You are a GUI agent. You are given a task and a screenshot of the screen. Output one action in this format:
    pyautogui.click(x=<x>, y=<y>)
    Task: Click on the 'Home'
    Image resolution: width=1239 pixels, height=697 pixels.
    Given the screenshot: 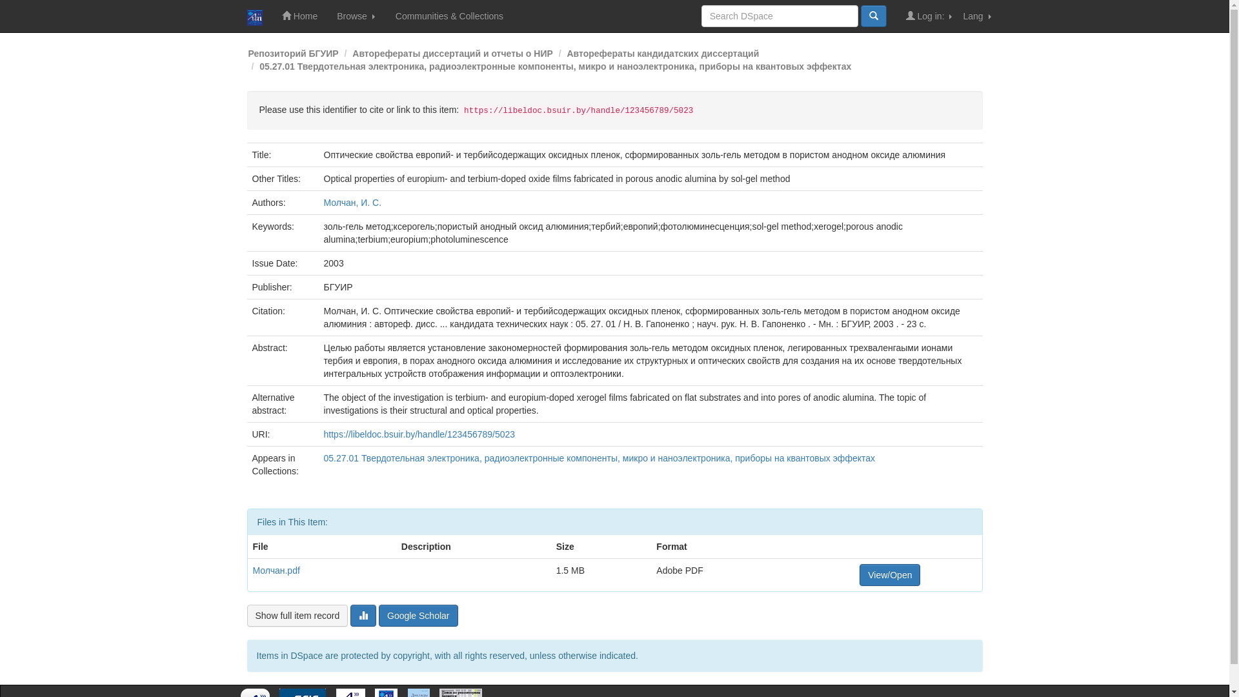 What is the action you would take?
    pyautogui.click(x=299, y=15)
    